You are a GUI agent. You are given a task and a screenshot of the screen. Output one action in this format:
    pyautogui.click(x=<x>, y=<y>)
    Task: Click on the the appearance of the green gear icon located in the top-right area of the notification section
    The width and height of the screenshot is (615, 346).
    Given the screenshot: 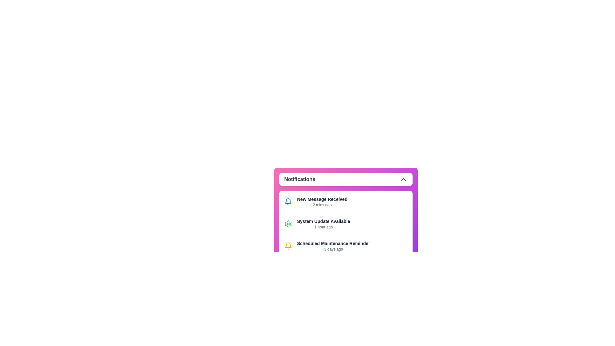 What is the action you would take?
    pyautogui.click(x=288, y=223)
    